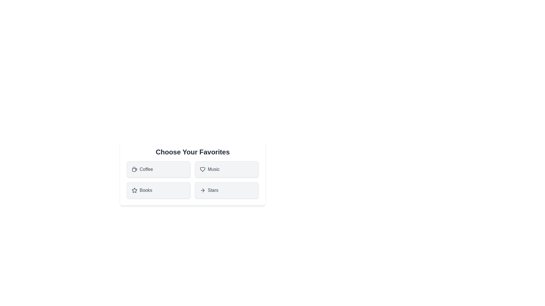  I want to click on the selectable button for the category 'Books' located in the bottom-left position of the grid labeled 'Choose Your Favorites', so click(158, 190).